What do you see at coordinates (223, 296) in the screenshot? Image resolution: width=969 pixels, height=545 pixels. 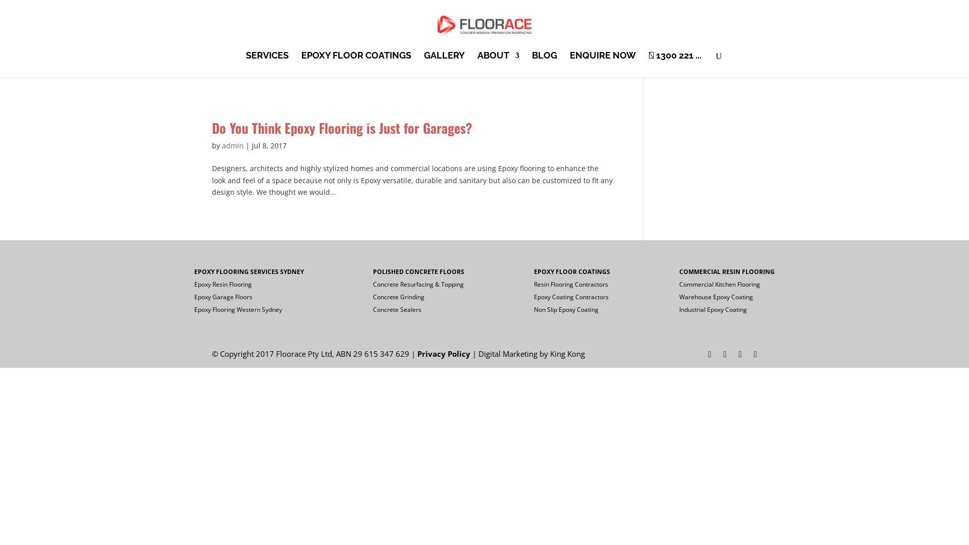 I see `'Epoxy Garage Floors'` at bounding box center [223, 296].